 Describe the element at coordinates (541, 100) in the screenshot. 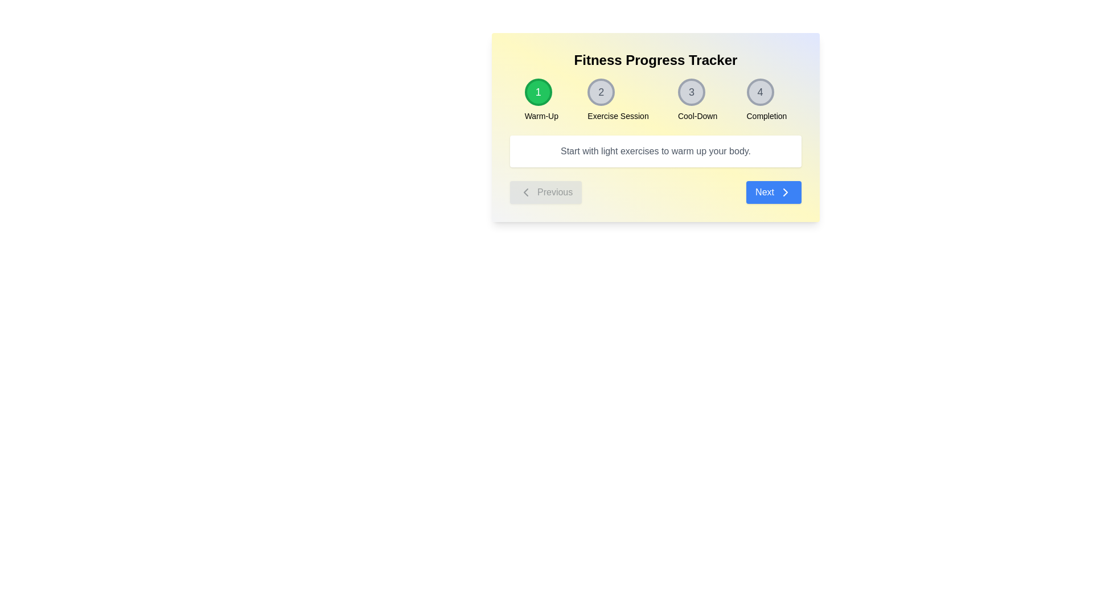

I see `the first step indicator component representing the 'Warm-Up' phase in the fitness program, located at the far left of the step indicator system` at that location.